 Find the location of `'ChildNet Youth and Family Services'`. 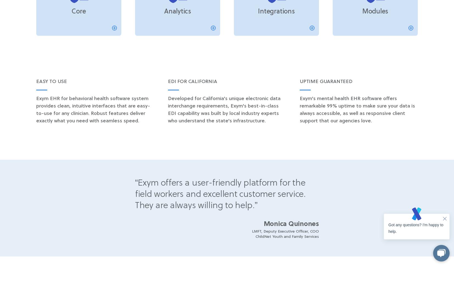

'ChildNet Youth and Family Services' is located at coordinates (287, 236).